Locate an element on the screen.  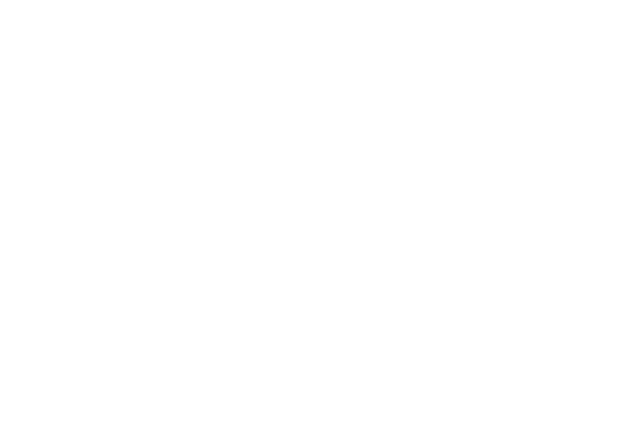
'Privacy Policy' is located at coordinates (306, 346).